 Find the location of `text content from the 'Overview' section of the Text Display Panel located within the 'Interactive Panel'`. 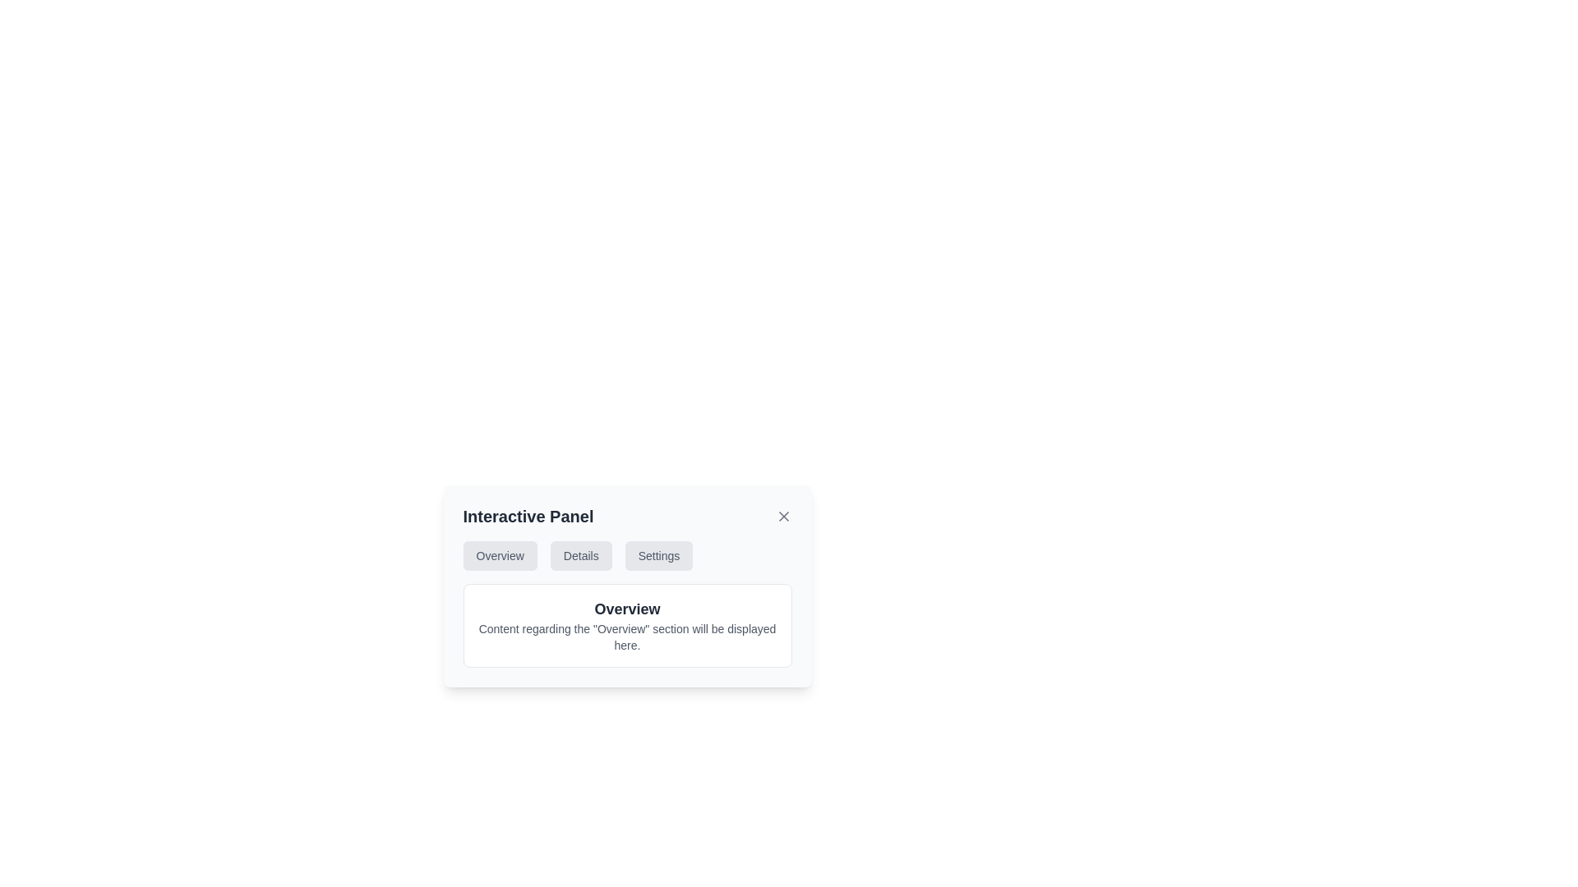

text content from the 'Overview' section of the Text Display Panel located within the 'Interactive Panel' is located at coordinates (626, 604).